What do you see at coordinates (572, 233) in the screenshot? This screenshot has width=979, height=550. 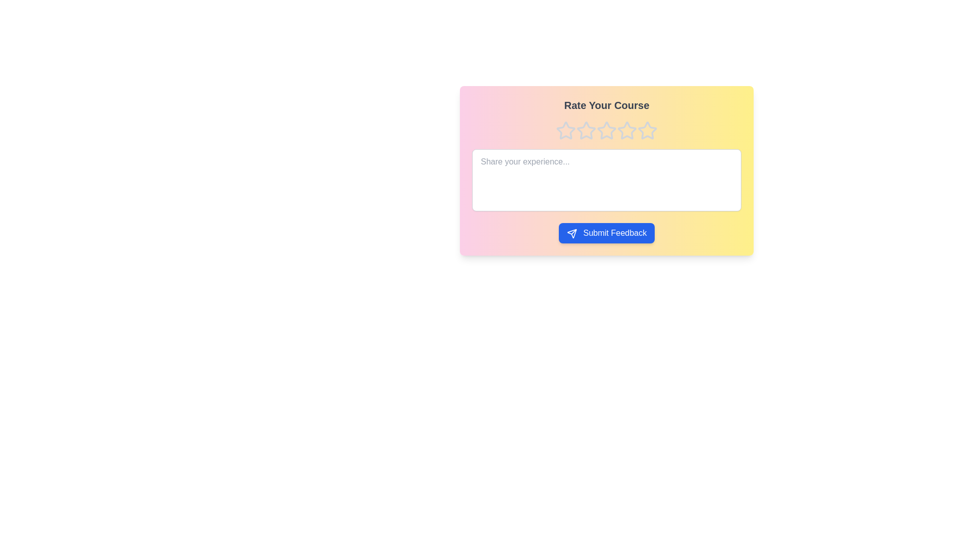 I see `the paper plane icon, which is part of the 'Submit Feedback' blue button, featuring a blue outline on a transparent background` at bounding box center [572, 233].